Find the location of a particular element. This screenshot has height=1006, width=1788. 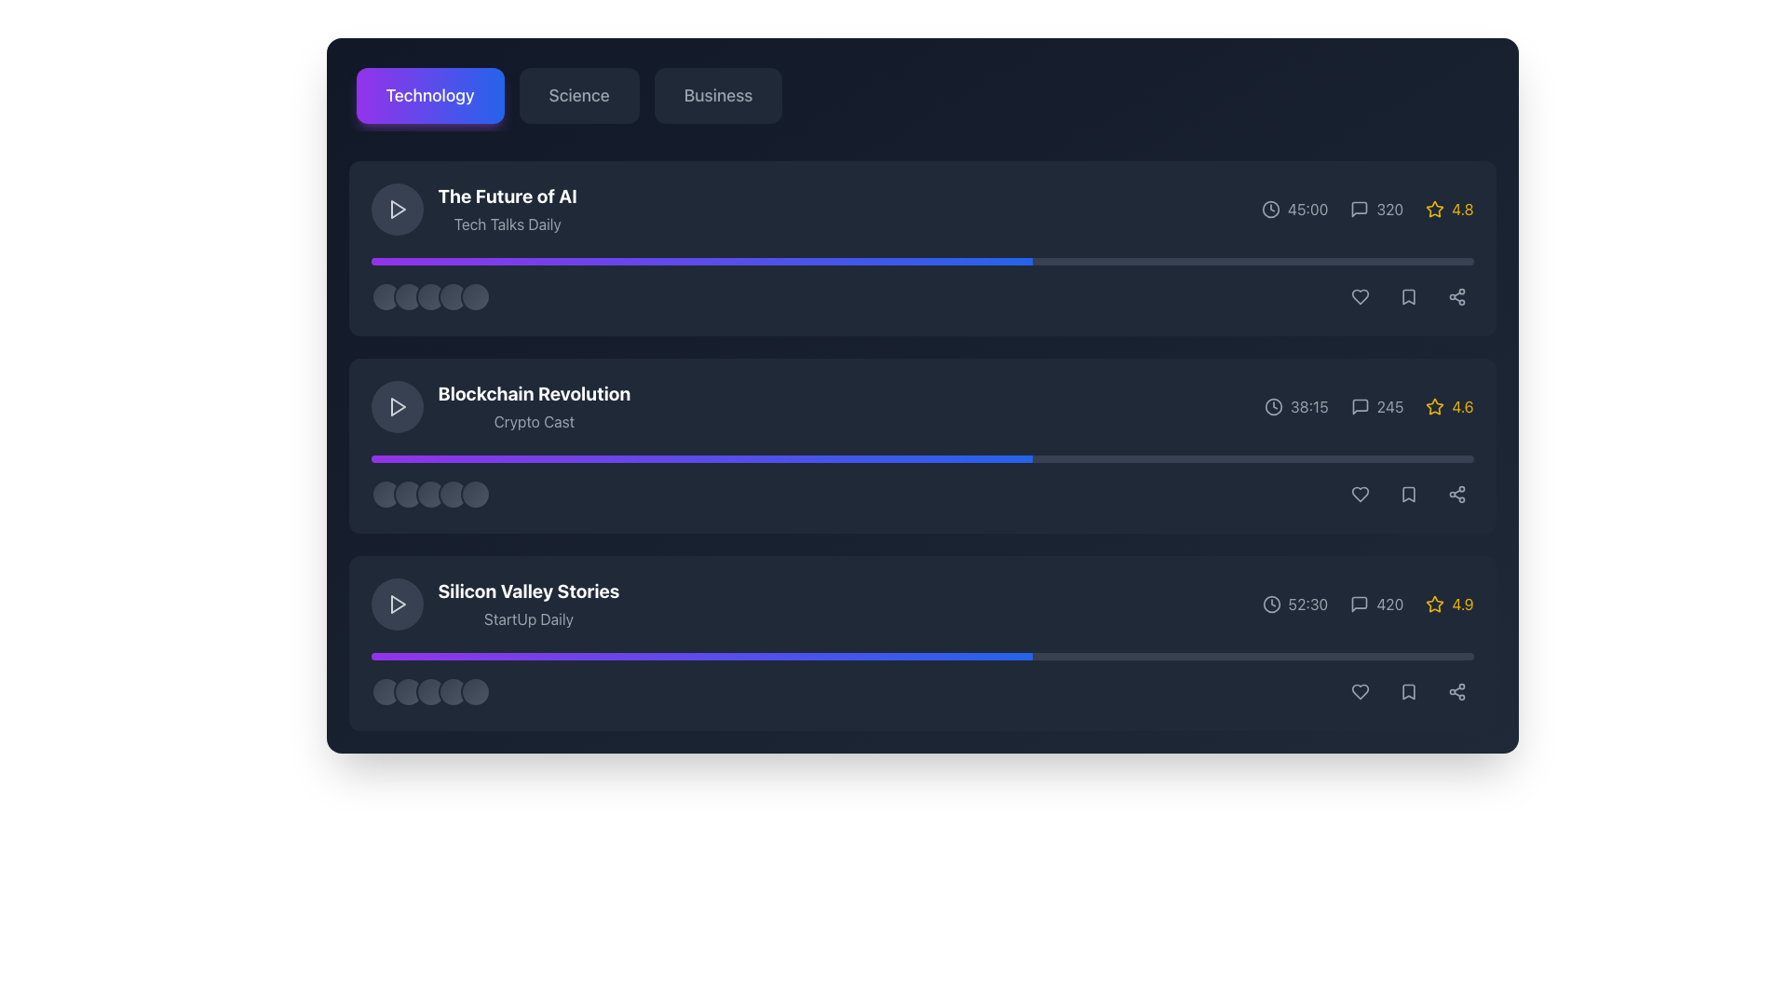

the share icon button with three connected dots, located at the far right of the 'Silicon Valley Stories' entry is located at coordinates (1456, 692).